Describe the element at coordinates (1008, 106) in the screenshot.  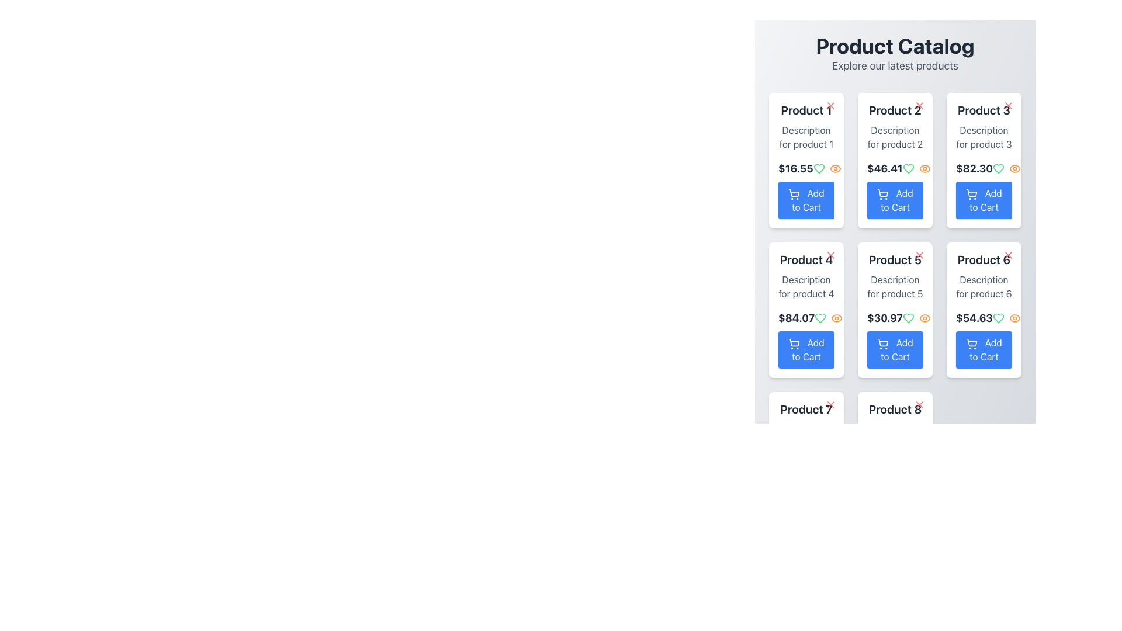
I see `the close vector graphic icon located in the top-right corner of the 'Product 3' card in the 'Product Catalog' to dismiss or delete the associated content` at that location.